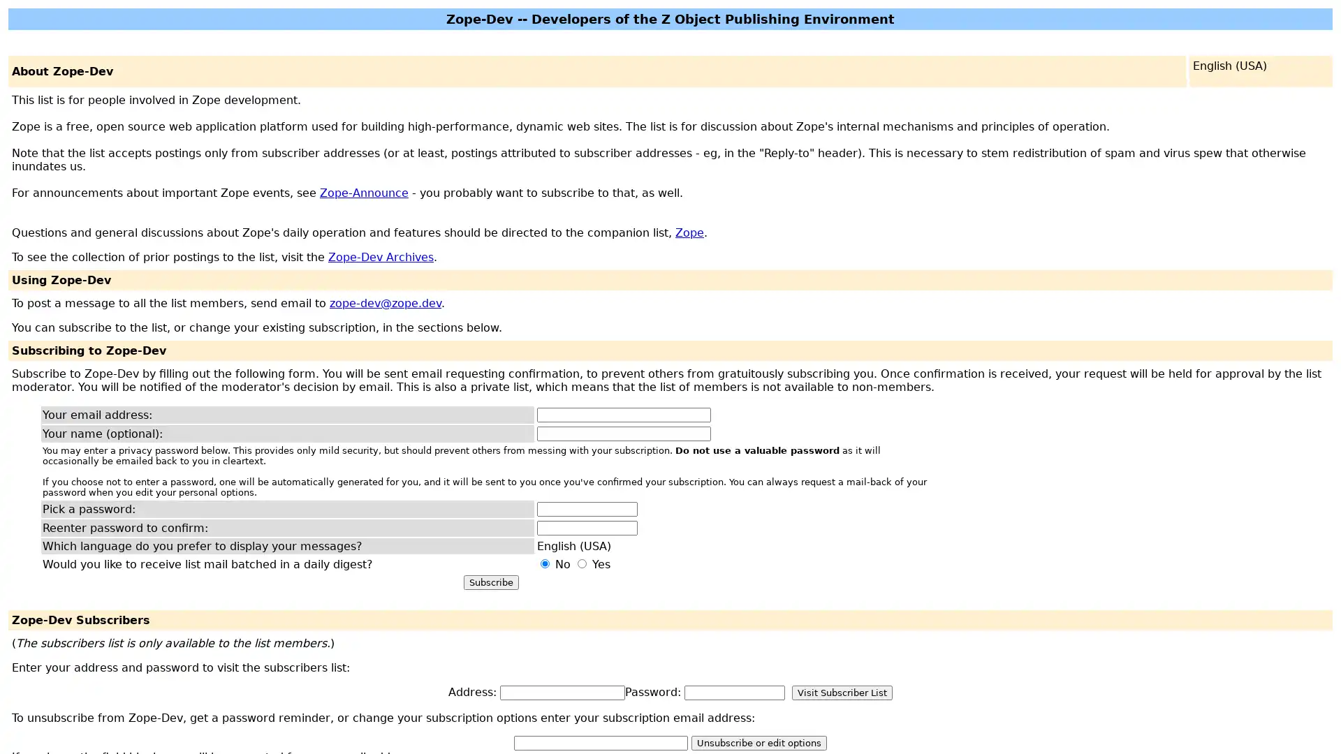 This screenshot has height=754, width=1341. What do you see at coordinates (490, 582) in the screenshot?
I see `Subscribe` at bounding box center [490, 582].